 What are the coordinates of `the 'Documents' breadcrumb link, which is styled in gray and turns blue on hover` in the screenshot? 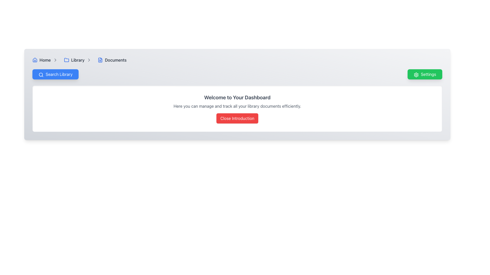 It's located at (115, 60).